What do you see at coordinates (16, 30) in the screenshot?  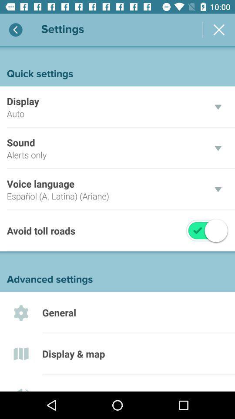 I see `go back` at bounding box center [16, 30].